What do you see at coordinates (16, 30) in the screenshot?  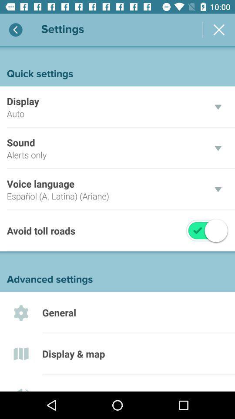 I see `go back` at bounding box center [16, 30].